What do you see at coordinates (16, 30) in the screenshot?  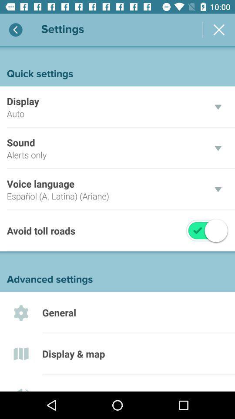 I see `go back` at bounding box center [16, 30].